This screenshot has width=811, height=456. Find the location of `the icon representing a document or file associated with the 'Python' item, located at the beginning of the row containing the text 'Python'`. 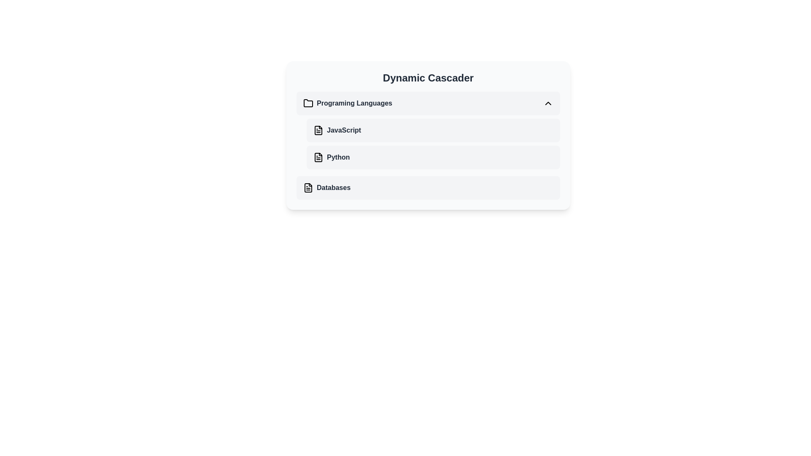

the icon representing a document or file associated with the 'Python' item, located at the beginning of the row containing the text 'Python' is located at coordinates (318, 157).